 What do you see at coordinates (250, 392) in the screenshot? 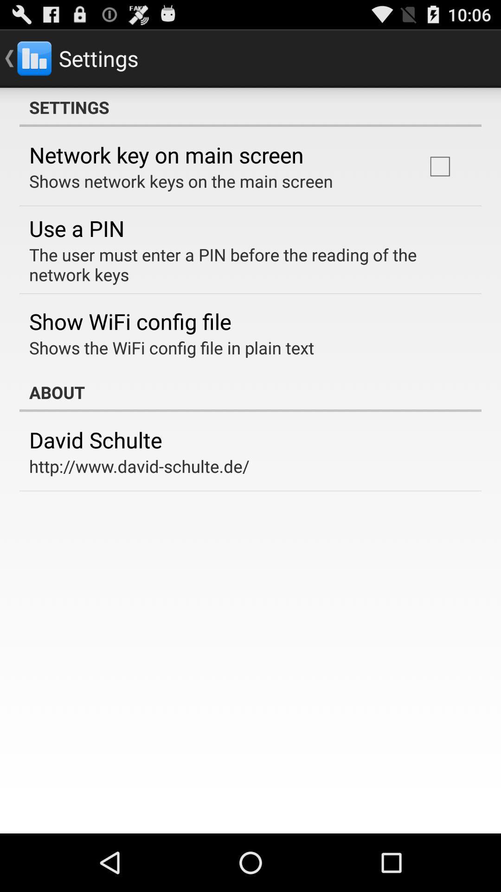
I see `about item` at bounding box center [250, 392].